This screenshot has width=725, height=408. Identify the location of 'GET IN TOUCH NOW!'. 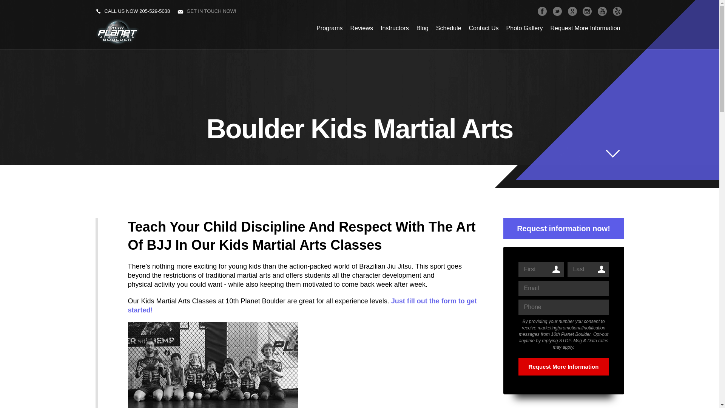
(211, 11).